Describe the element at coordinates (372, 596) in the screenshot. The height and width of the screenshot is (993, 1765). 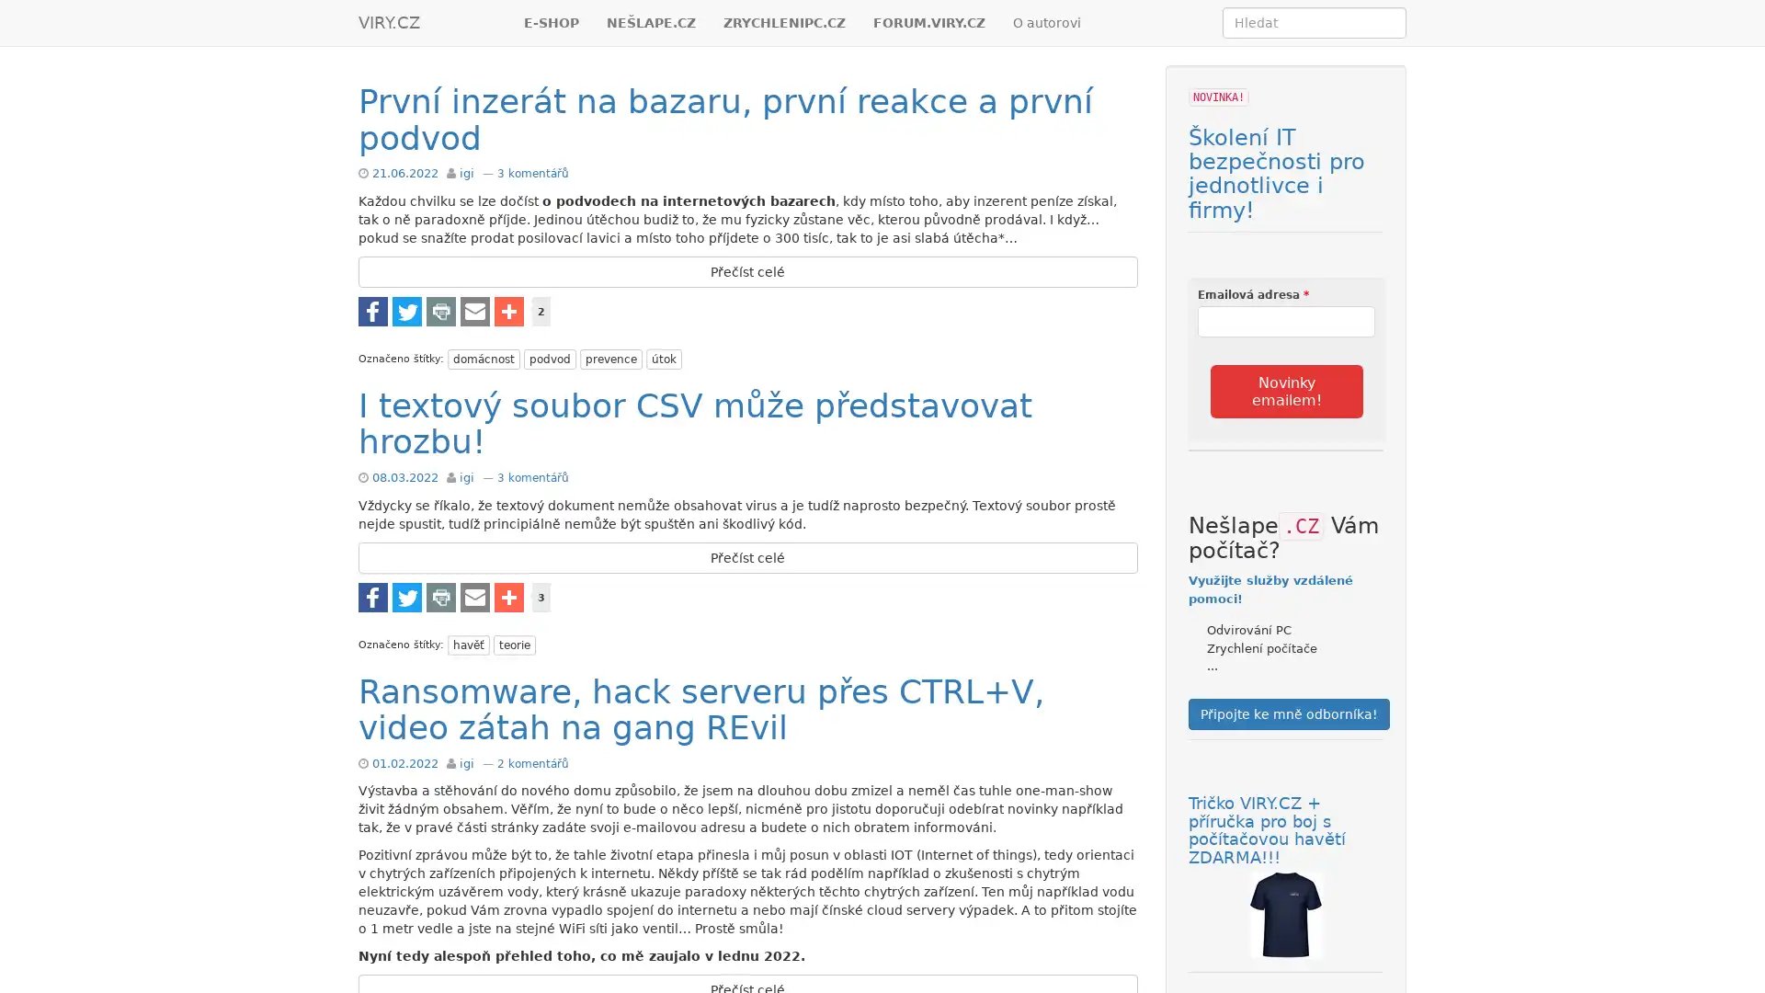
I see `Share to Facebook` at that location.